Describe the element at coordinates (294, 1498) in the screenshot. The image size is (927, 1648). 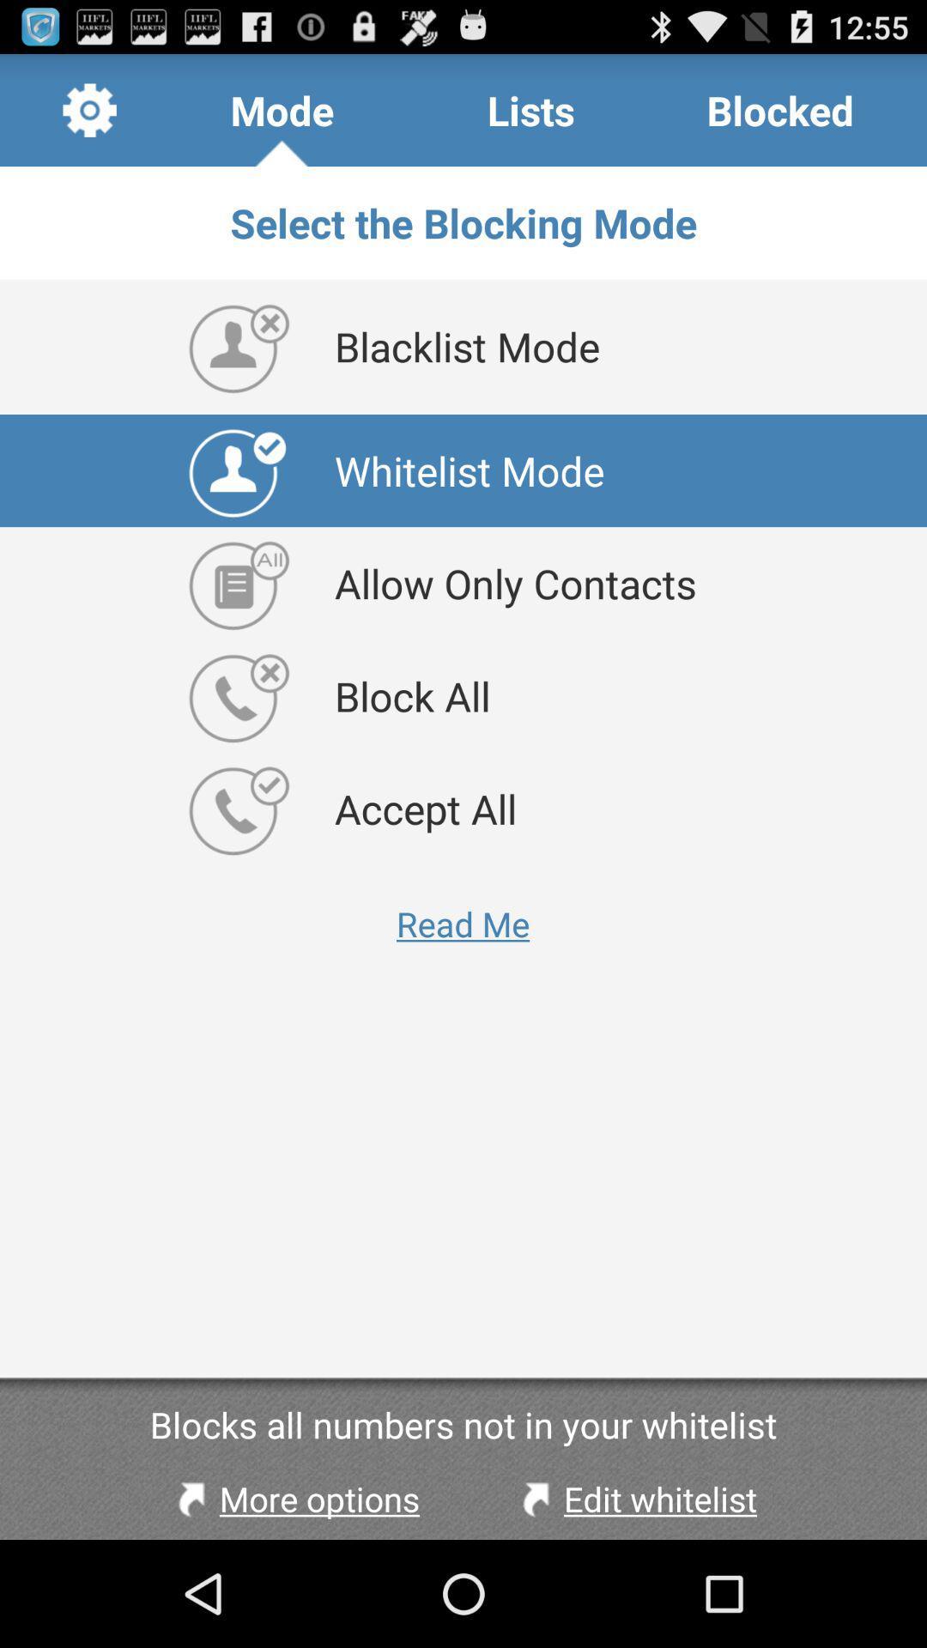
I see `the more options at the bottom left corner` at that location.